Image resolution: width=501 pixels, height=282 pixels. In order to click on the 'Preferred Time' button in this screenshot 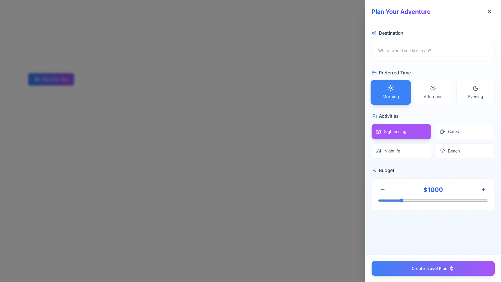, I will do `click(433, 86)`.